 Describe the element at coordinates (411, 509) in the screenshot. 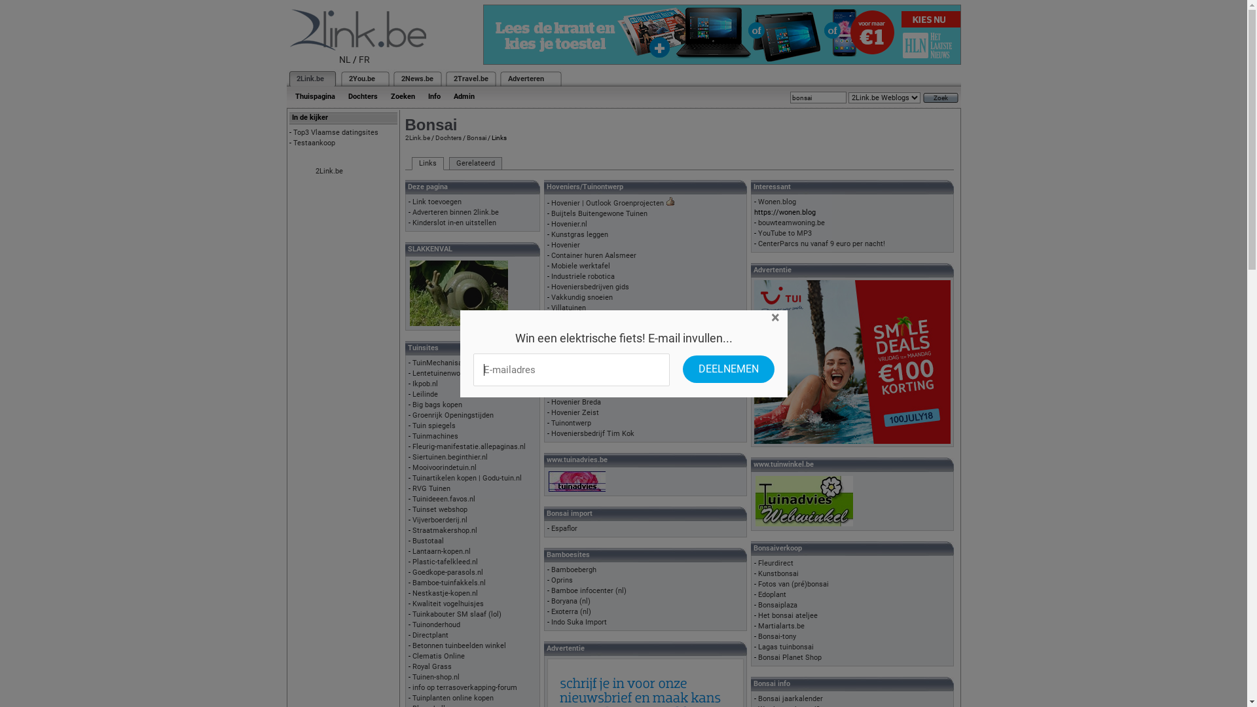

I see `'Tuinset webshop'` at that location.